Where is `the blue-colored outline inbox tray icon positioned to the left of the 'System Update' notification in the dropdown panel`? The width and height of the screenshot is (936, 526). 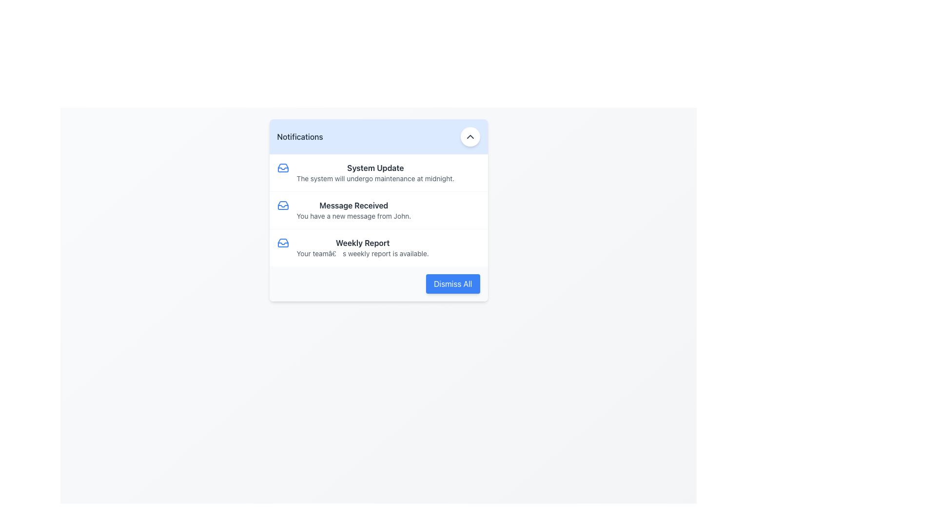 the blue-colored outline inbox tray icon positioned to the left of the 'System Update' notification in the dropdown panel is located at coordinates (282, 167).